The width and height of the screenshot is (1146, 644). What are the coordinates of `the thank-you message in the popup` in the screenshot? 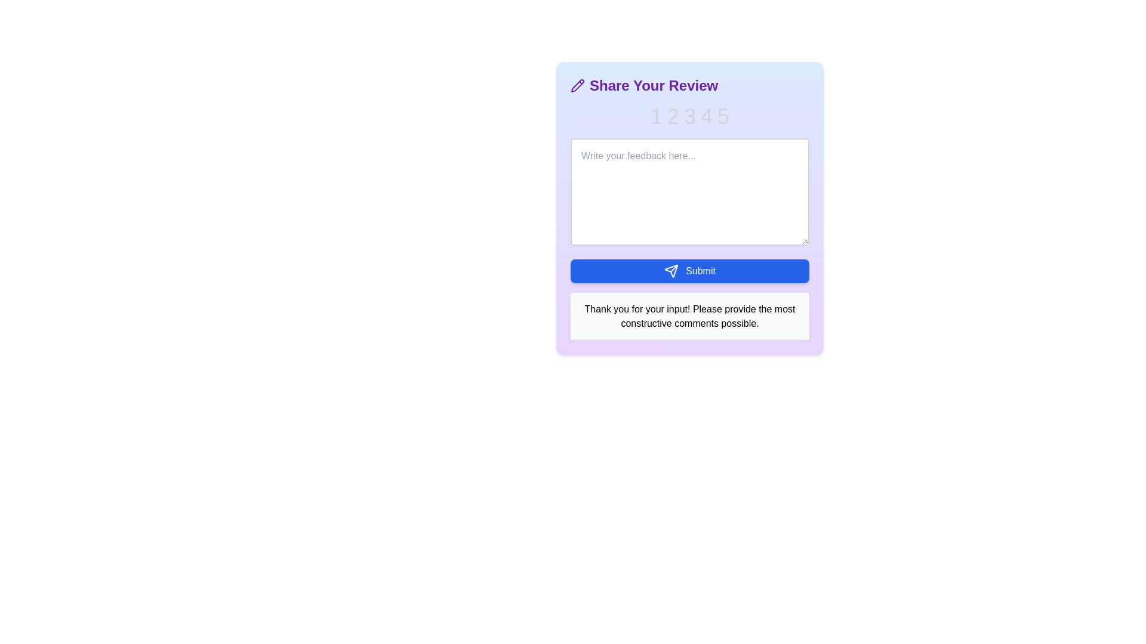 It's located at (690, 316).